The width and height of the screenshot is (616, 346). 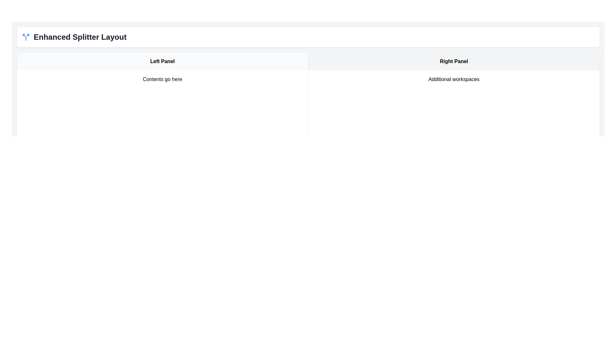 What do you see at coordinates (26, 37) in the screenshot?
I see `the blue 'Y' split icon located on the left side of the header titled 'Enhanced Splitter Layout'` at bounding box center [26, 37].